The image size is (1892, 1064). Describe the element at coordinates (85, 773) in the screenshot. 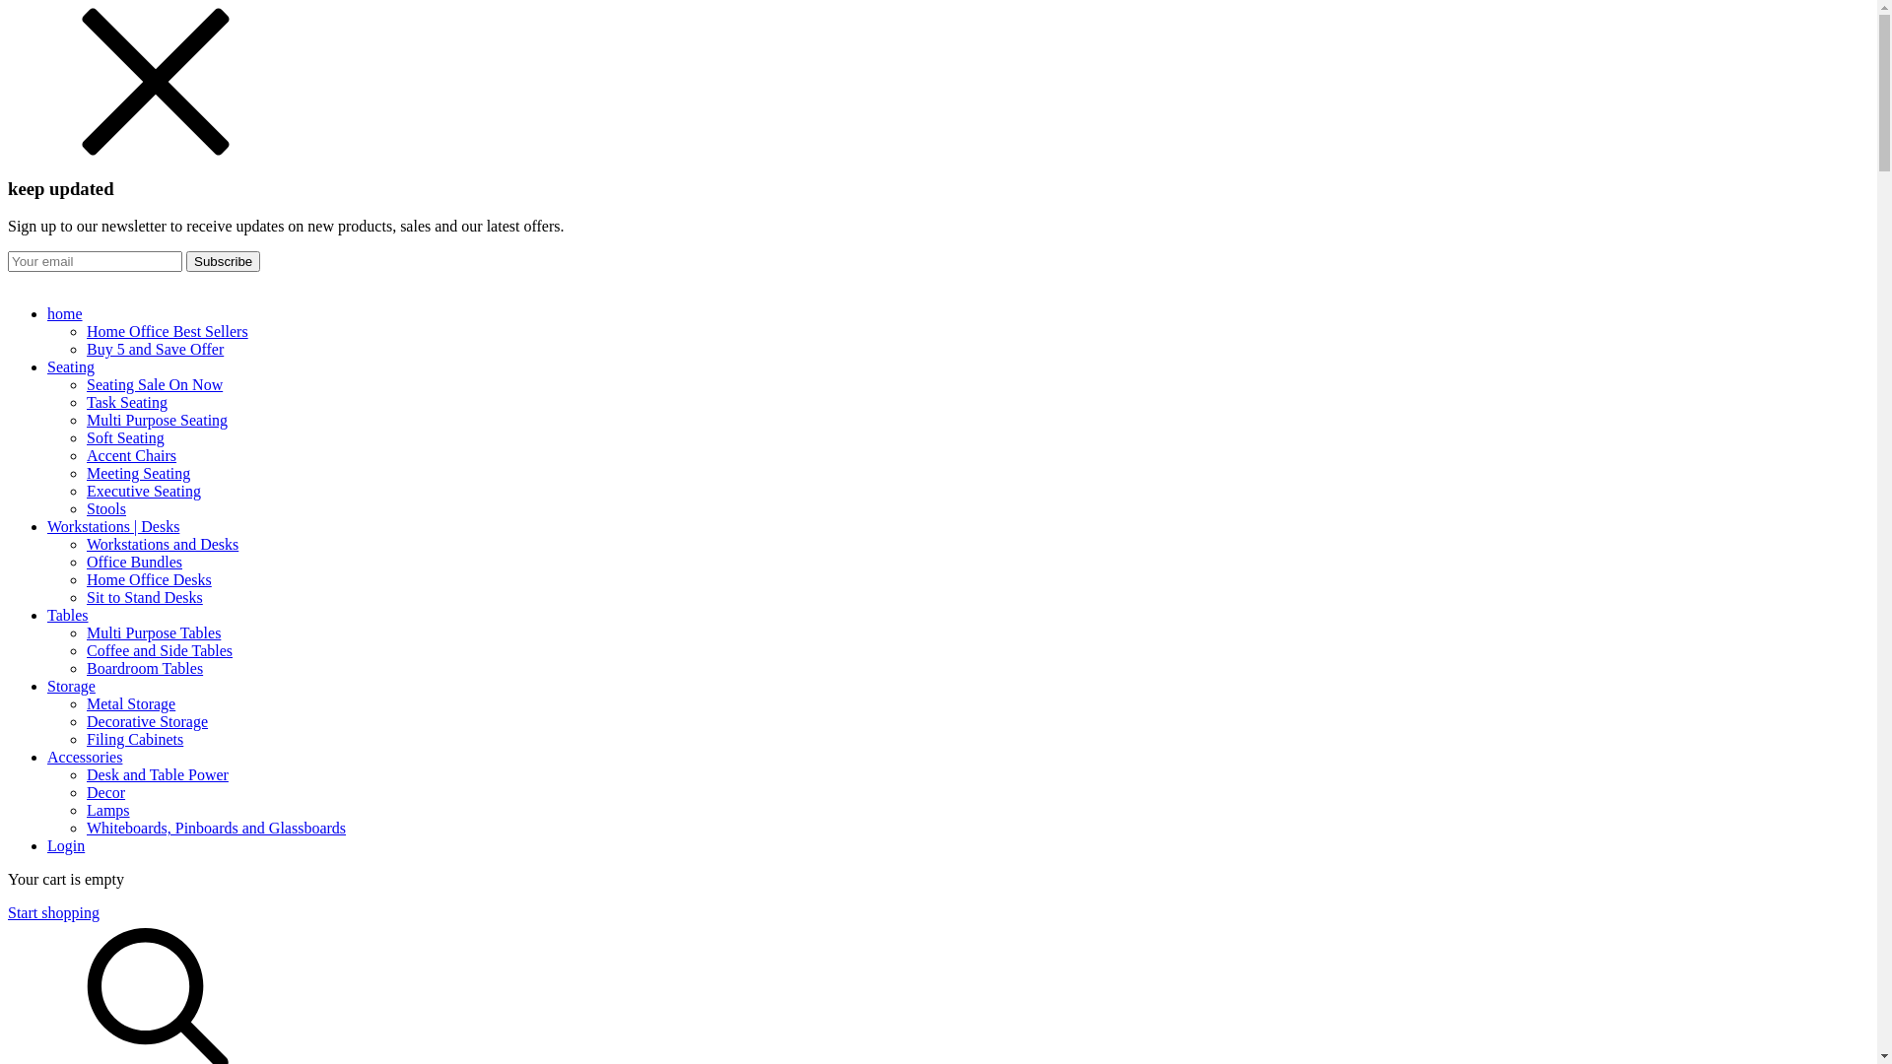

I see `'Desk and Table Power'` at that location.